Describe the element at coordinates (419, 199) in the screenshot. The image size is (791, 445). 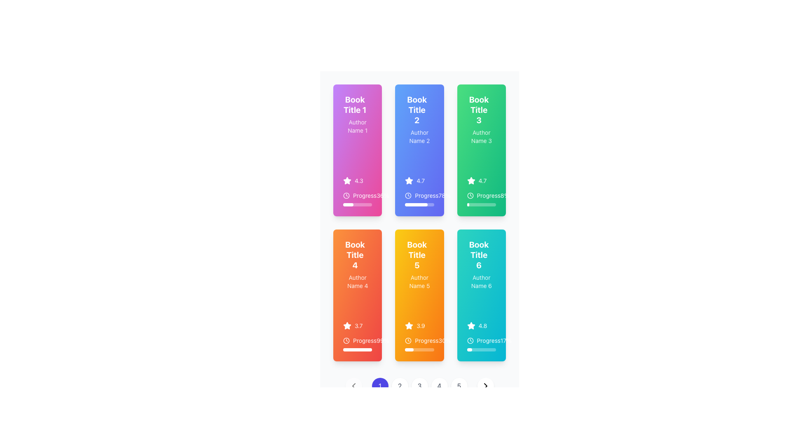
I see `the progress percentage displayed on the progress bar located in the second card of the first row in the grid layout, positioned below the star depiction with the text '4.7'` at that location.